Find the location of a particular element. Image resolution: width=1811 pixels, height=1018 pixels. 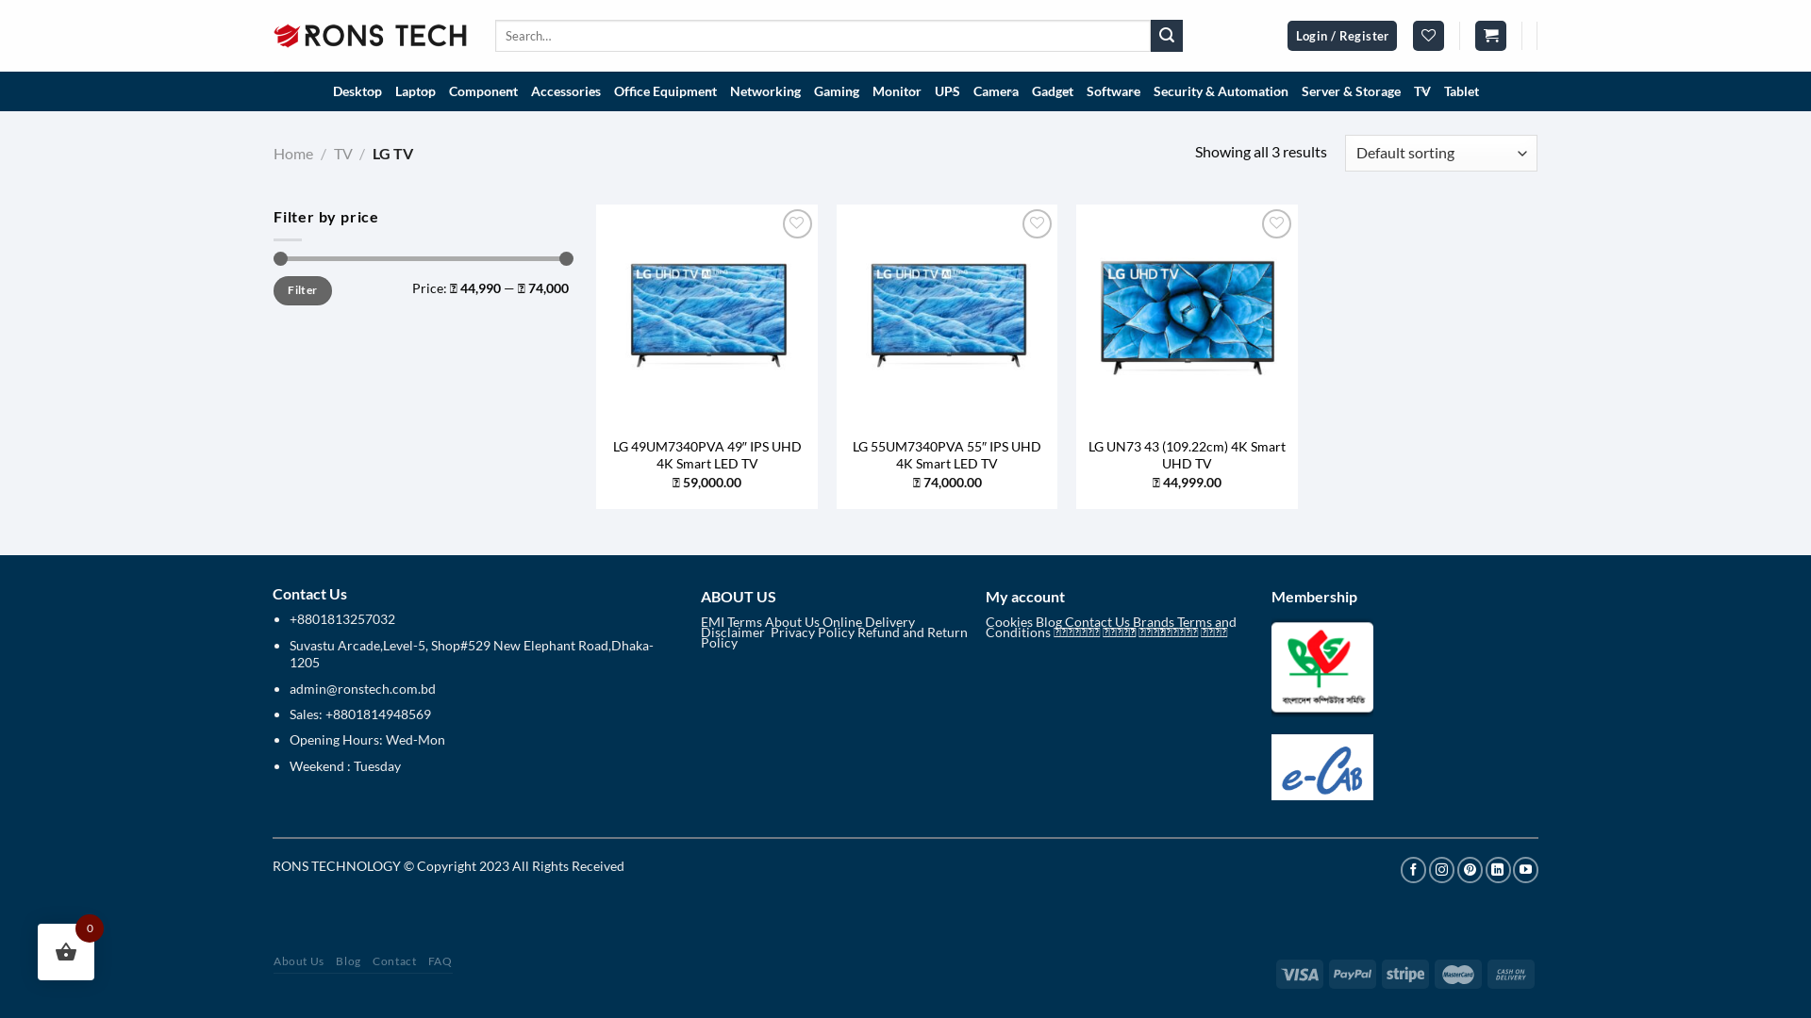

'Security & Automation' is located at coordinates (1221, 90).